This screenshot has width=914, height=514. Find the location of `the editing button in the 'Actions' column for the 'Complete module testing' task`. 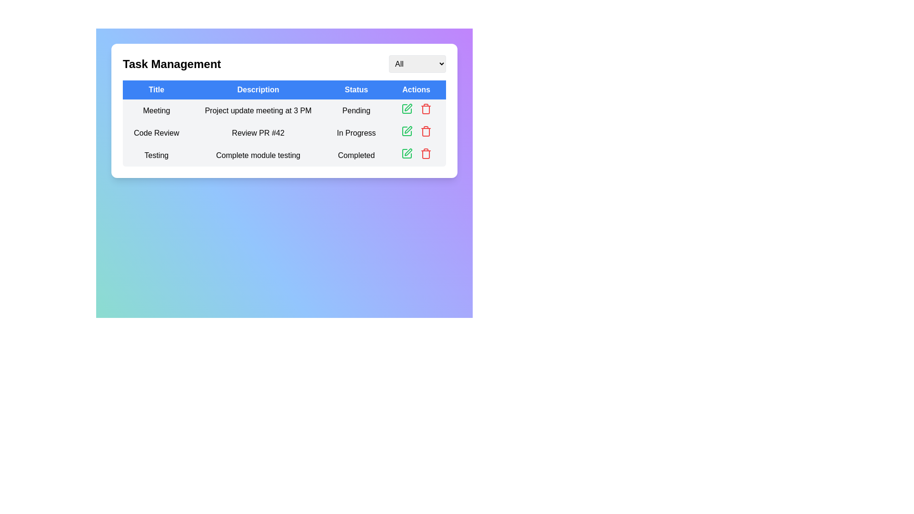

the editing button in the 'Actions' column for the 'Complete module testing' task is located at coordinates (407, 153).